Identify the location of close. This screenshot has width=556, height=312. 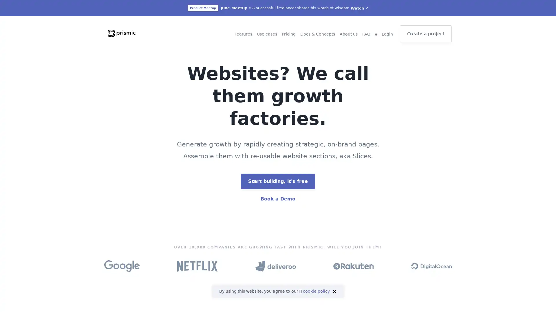
(334, 291).